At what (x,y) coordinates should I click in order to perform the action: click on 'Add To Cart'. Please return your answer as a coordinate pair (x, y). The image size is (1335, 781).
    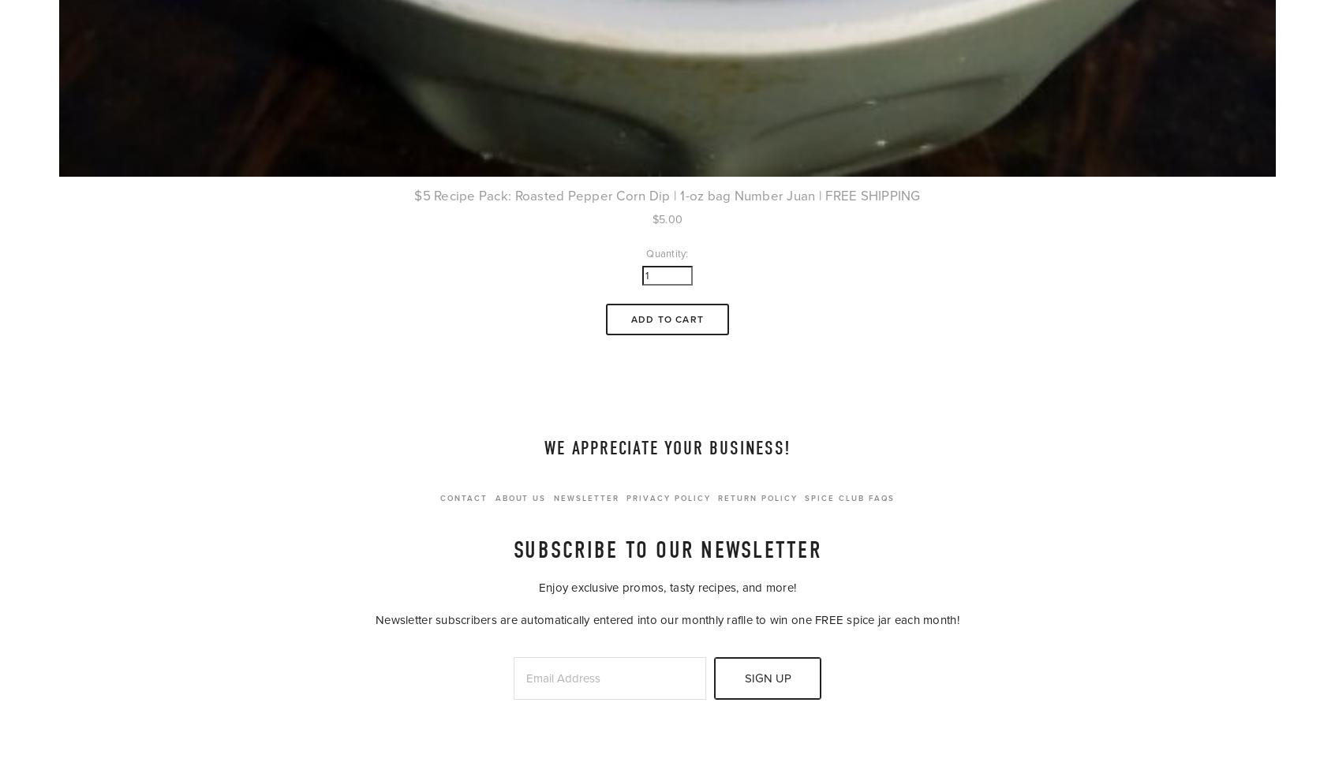
    Looking at the image, I should click on (630, 318).